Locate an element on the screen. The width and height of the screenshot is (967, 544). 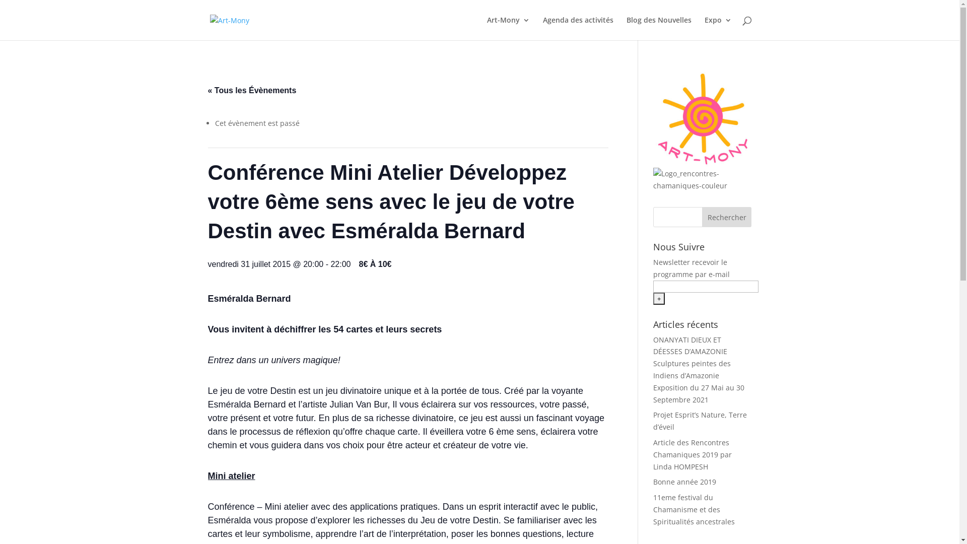
'Logo_rencontres-chamaniques-couleur' is located at coordinates (702, 179).